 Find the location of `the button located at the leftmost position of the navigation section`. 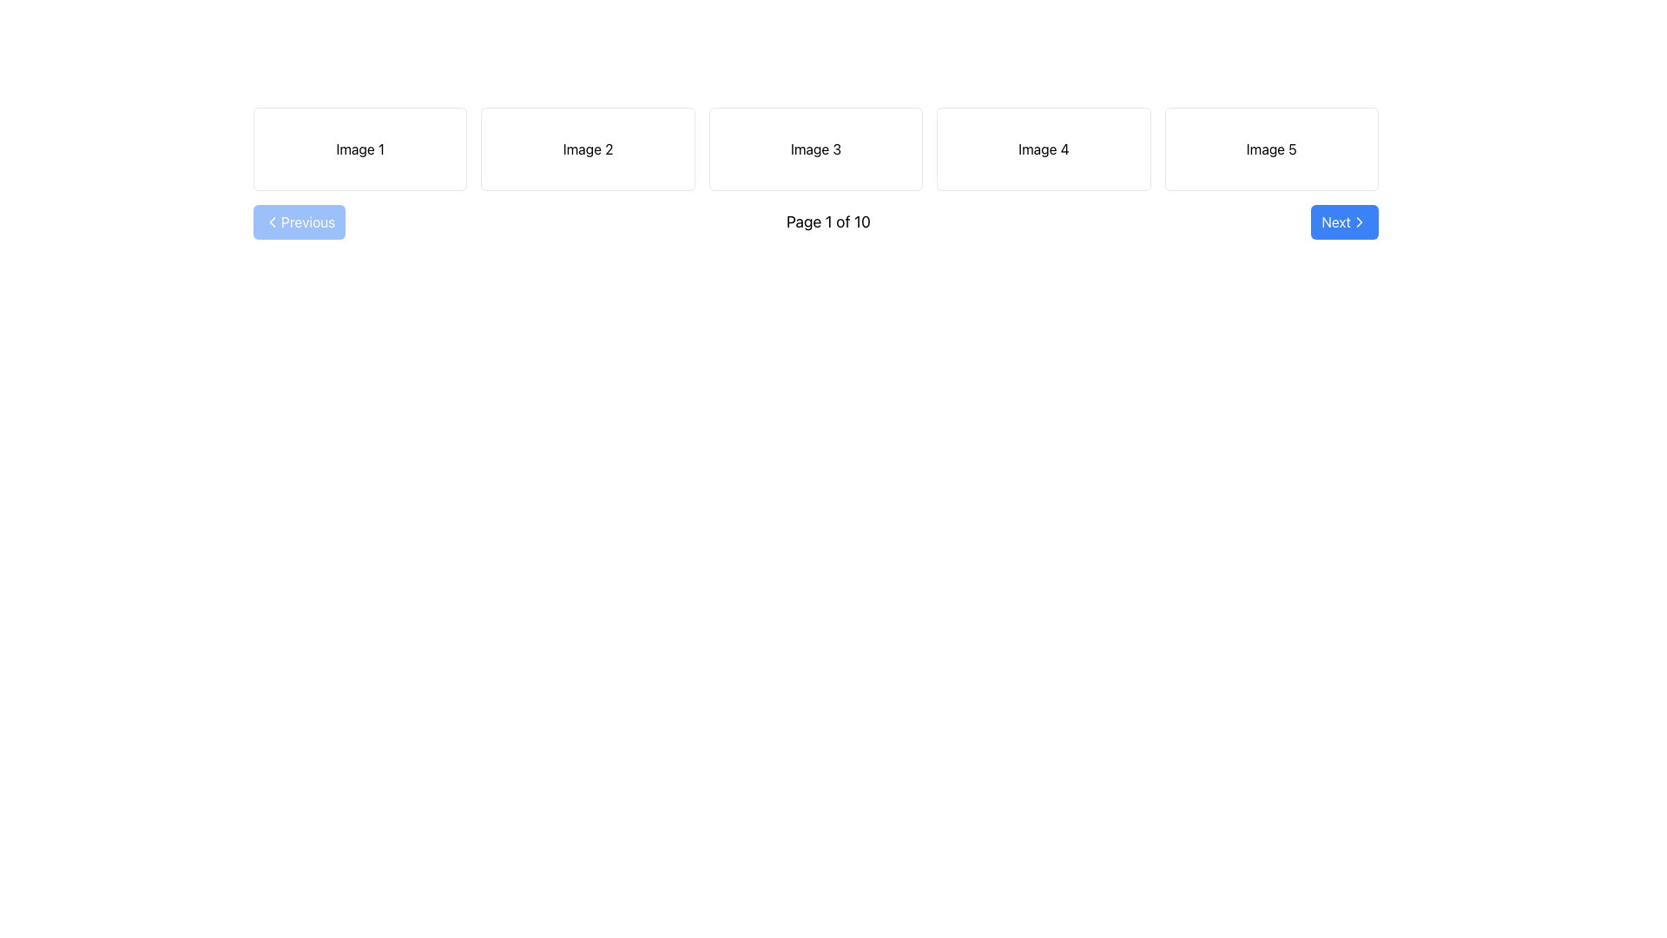

the button located at the leftmost position of the navigation section is located at coordinates (300, 221).